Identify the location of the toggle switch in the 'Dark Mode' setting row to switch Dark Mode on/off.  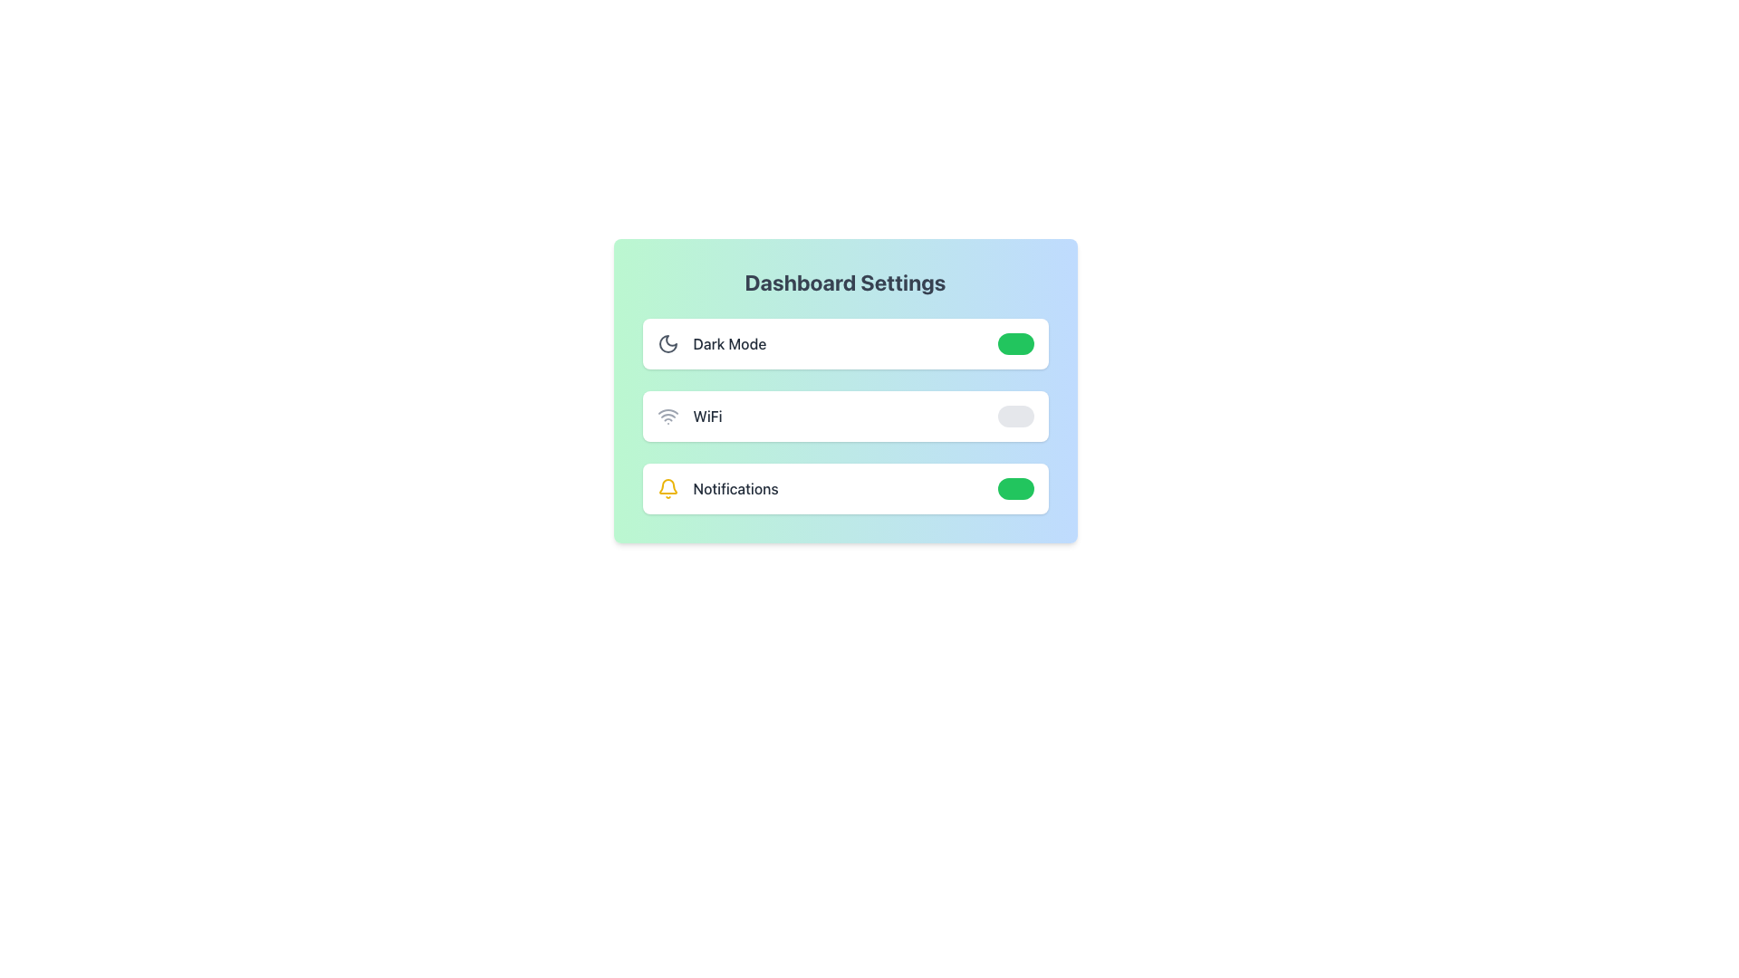
(844, 344).